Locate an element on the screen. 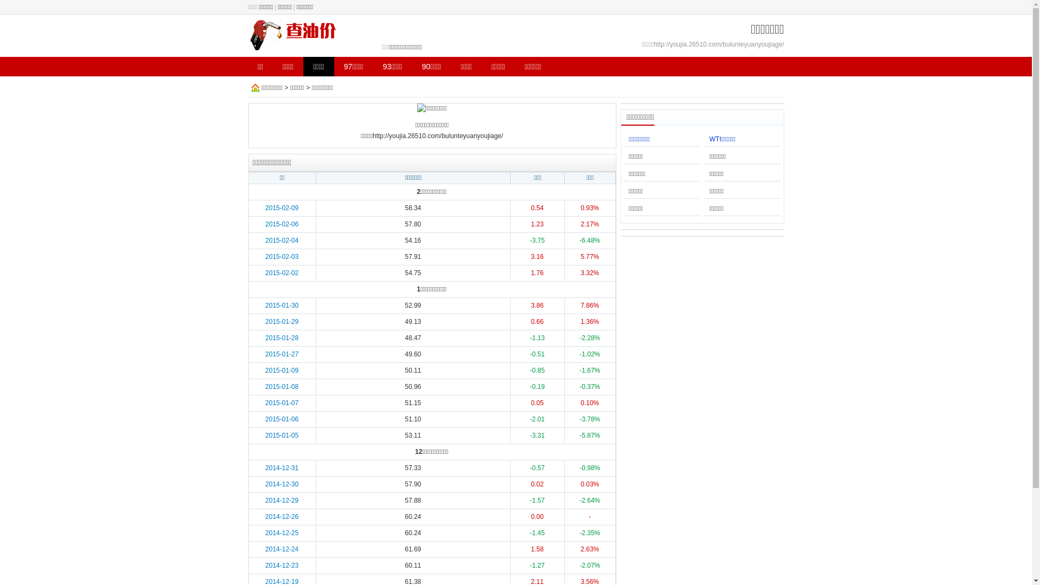 This screenshot has height=585, width=1040. '2015-01-30' is located at coordinates (265, 305).